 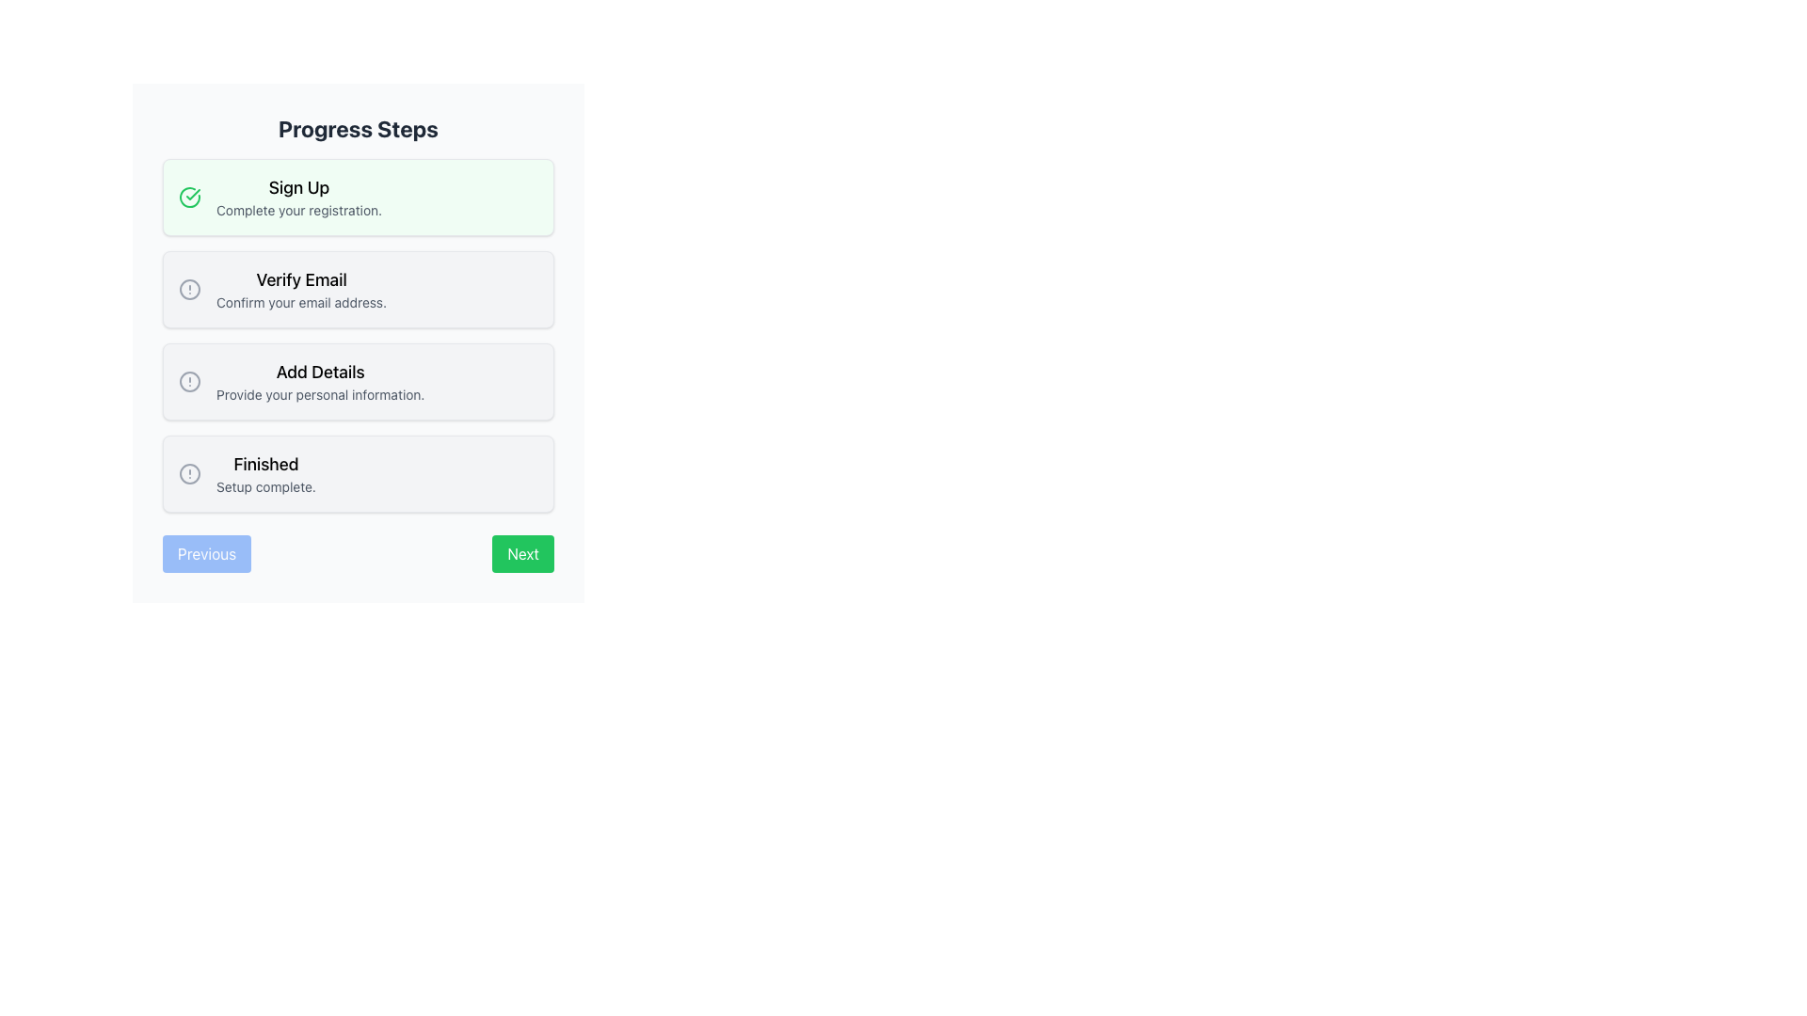 What do you see at coordinates (358, 473) in the screenshot?
I see `the completed step in the multi-step process, which is the fourth item in the list located below 'Add Details' and above the navigation buttons` at bounding box center [358, 473].